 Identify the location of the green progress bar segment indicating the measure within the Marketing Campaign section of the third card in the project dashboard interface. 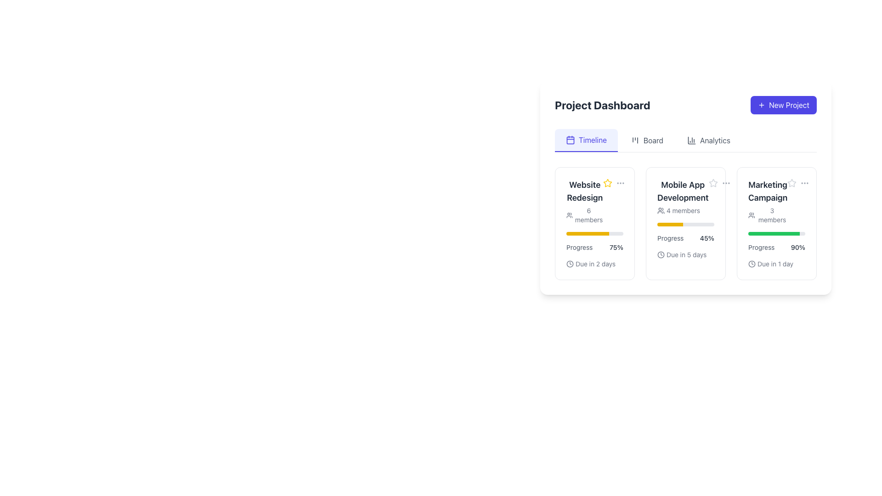
(773, 233).